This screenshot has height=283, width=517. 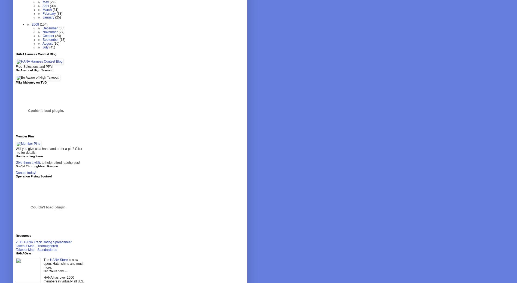 I want to click on 'August', so click(x=47, y=43).